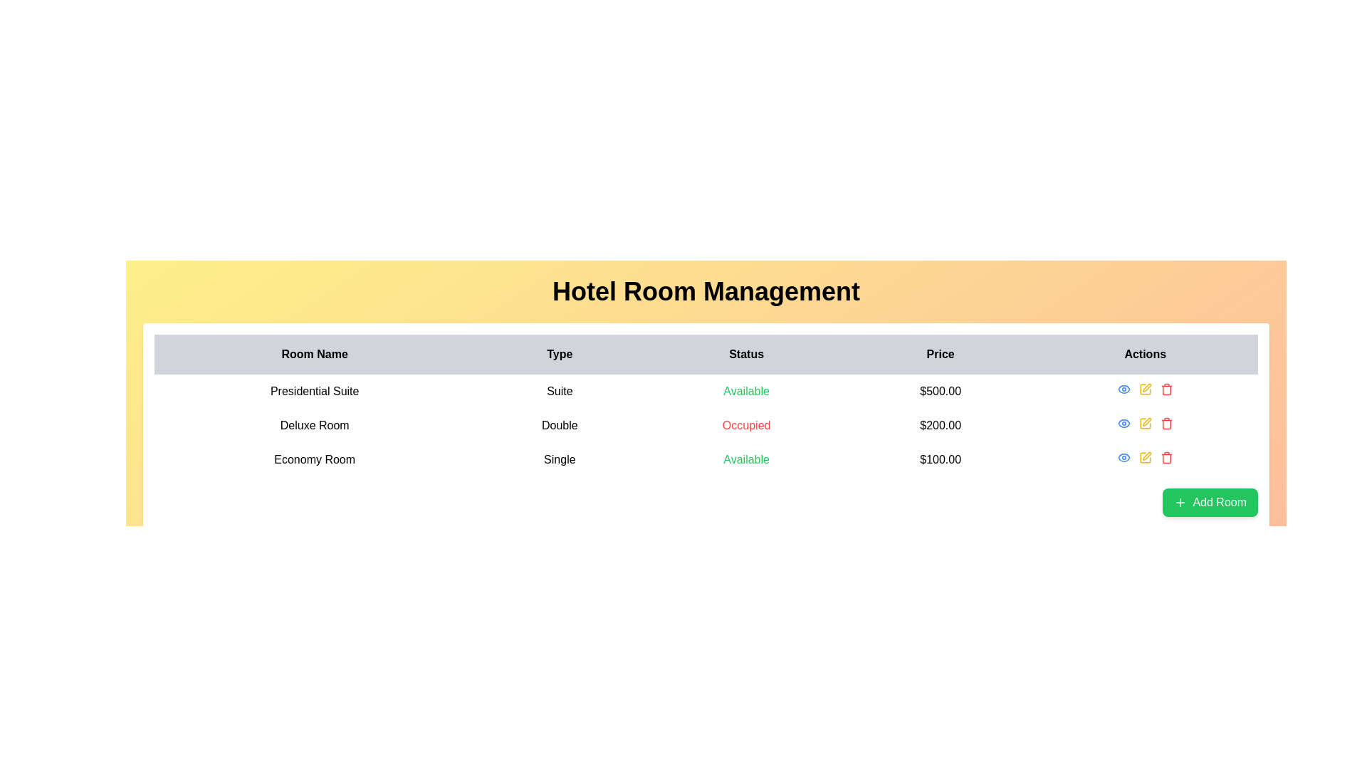 This screenshot has width=1367, height=769. What do you see at coordinates (745, 459) in the screenshot?
I see `the text label displaying 'Available' in green, which indicates the status of the 'Economy Room' in the table under the 'Status' column` at bounding box center [745, 459].